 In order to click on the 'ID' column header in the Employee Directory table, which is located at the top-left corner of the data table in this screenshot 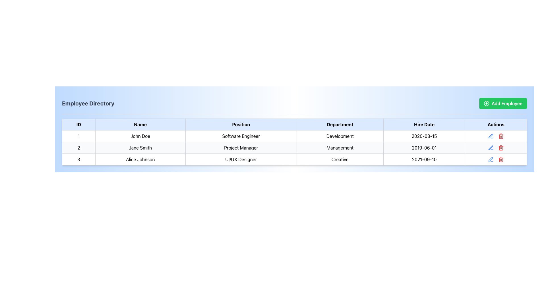, I will do `click(78, 124)`.